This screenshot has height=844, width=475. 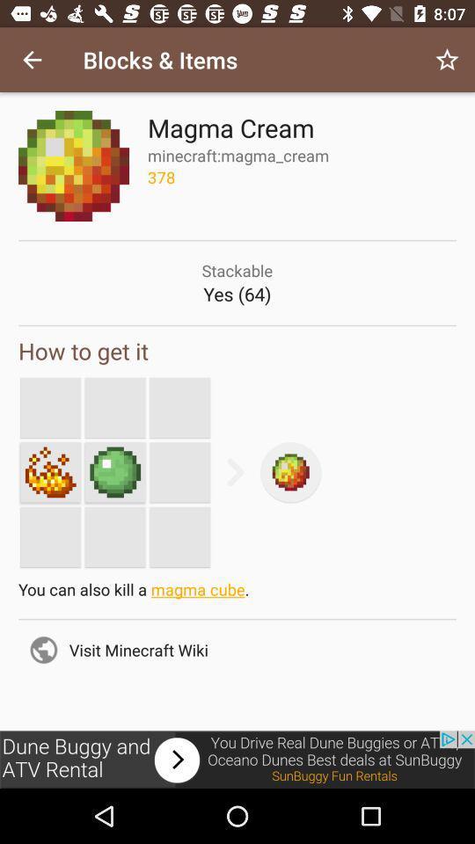 I want to click on advertisement, so click(x=237, y=759).